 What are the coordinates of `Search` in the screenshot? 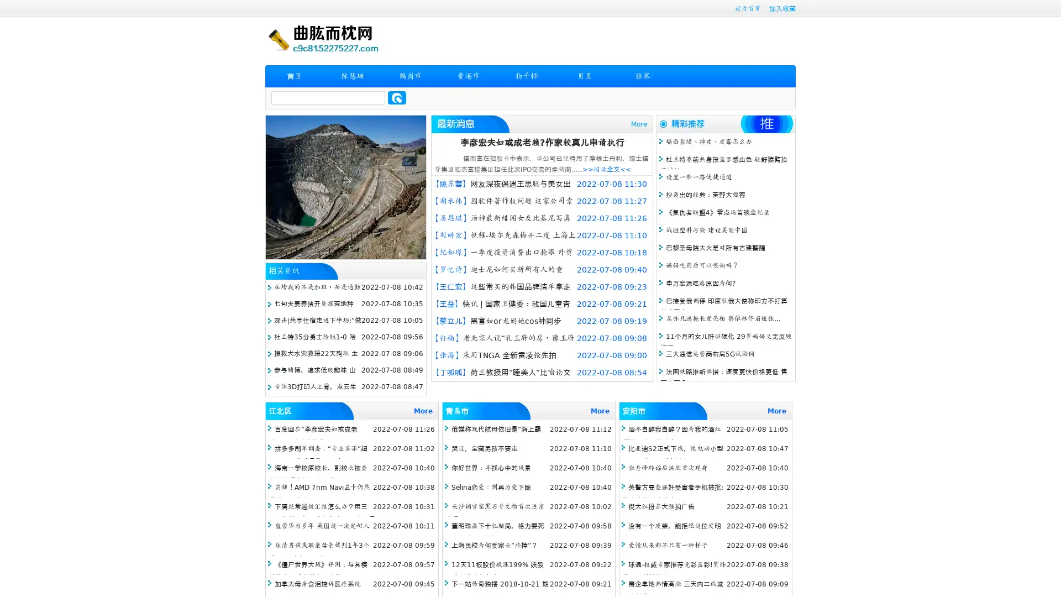 It's located at (397, 97).